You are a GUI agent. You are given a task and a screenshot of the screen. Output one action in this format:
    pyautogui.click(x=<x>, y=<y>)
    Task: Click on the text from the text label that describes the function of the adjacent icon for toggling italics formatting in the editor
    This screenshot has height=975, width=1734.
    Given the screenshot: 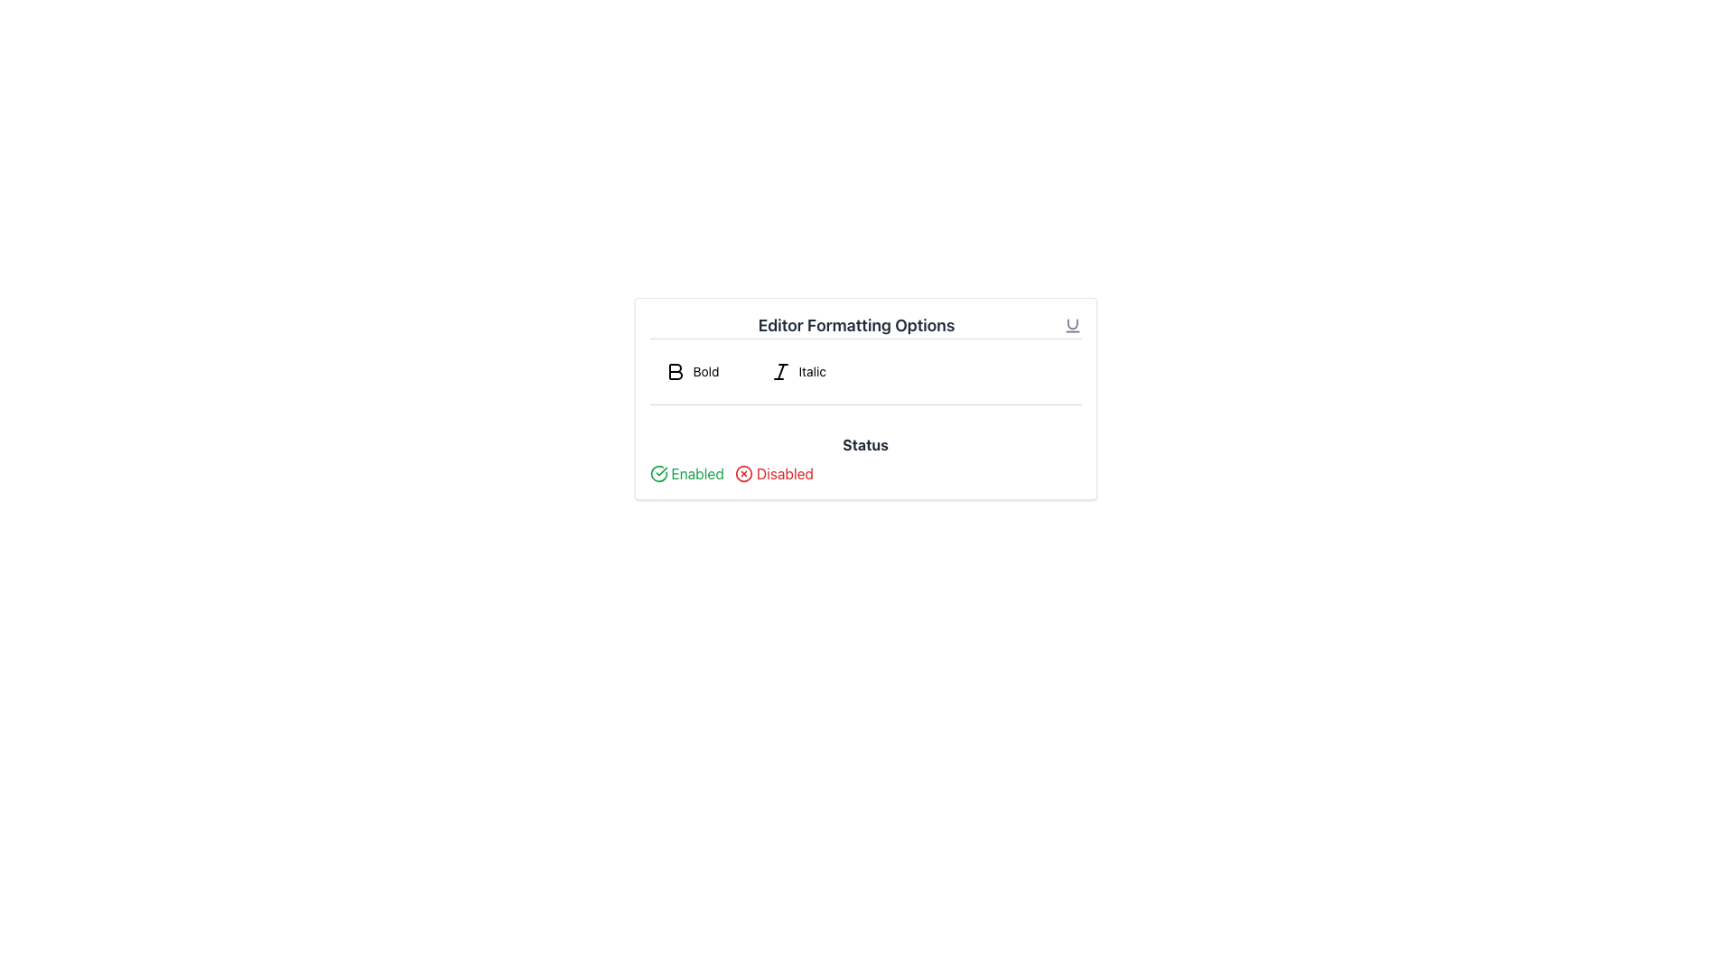 What is the action you would take?
    pyautogui.click(x=811, y=371)
    